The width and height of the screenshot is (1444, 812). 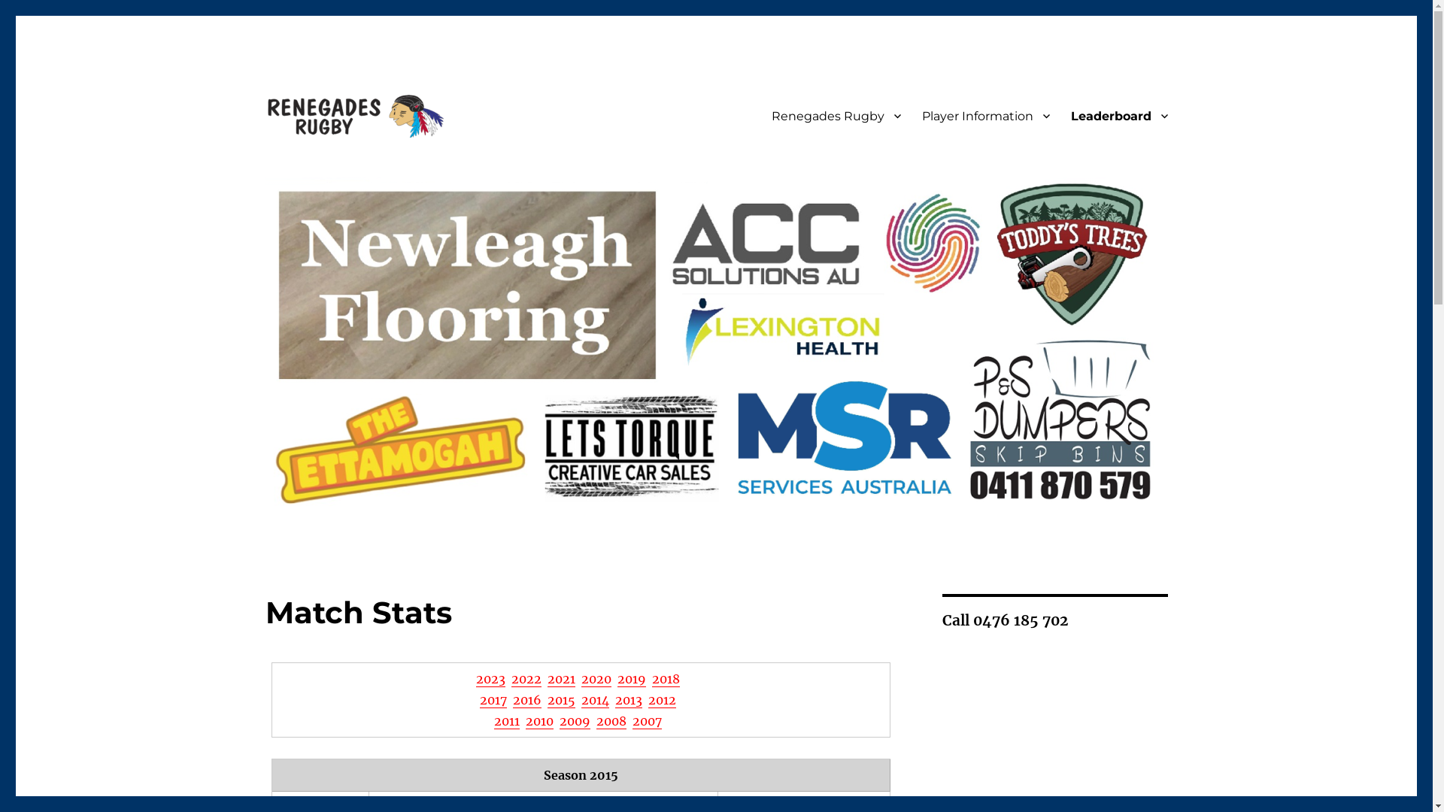 I want to click on '2013', so click(x=628, y=699).